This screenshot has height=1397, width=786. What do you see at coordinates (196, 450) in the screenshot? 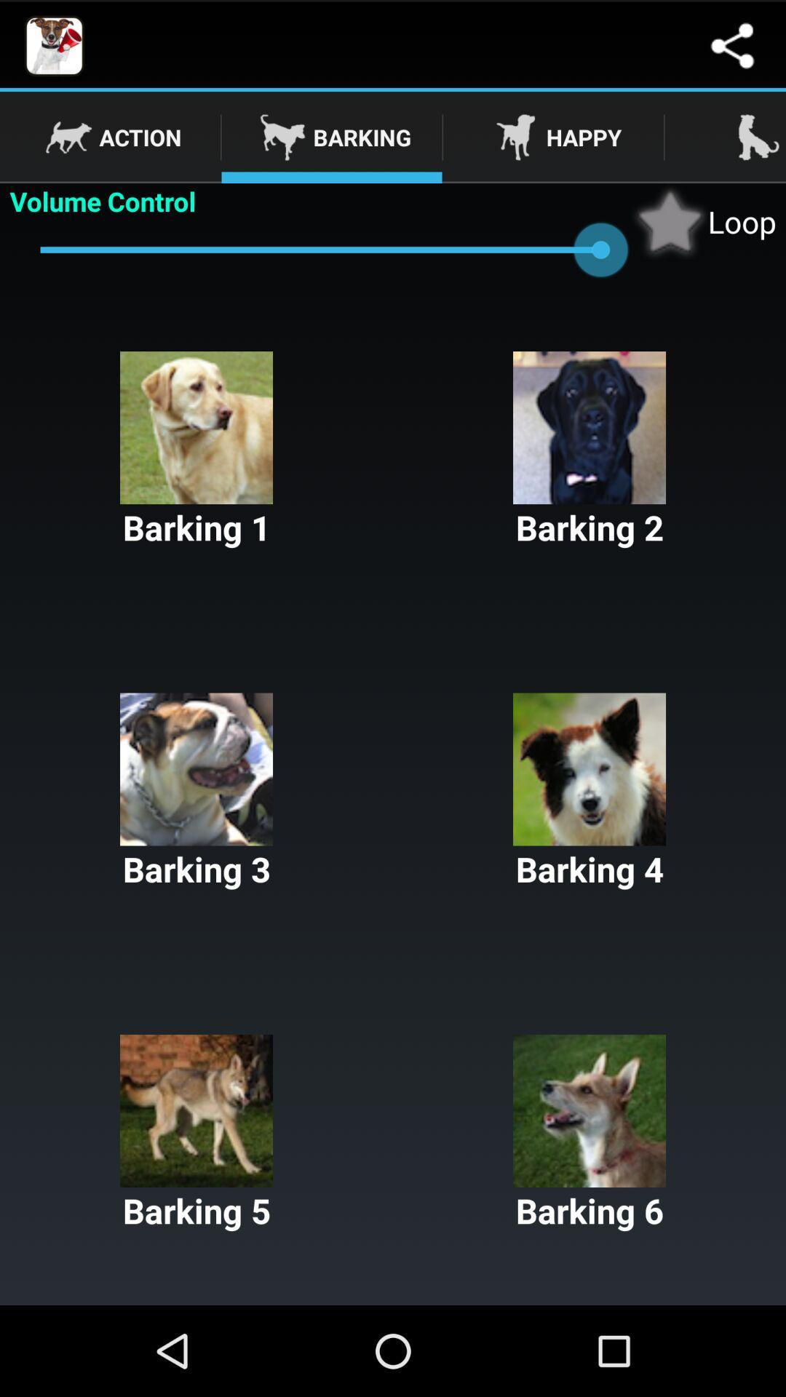
I see `the barking 1 button` at bounding box center [196, 450].